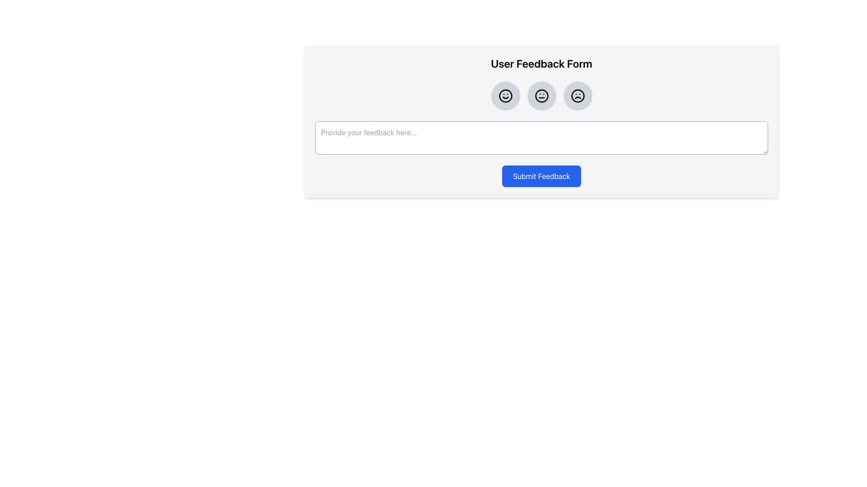  Describe the element at coordinates (541, 96) in the screenshot. I see `the neutral feedback button located in the User Feedback Form section, which is the second of three horizontally aligned icons between the happy and sad face icons` at that location.